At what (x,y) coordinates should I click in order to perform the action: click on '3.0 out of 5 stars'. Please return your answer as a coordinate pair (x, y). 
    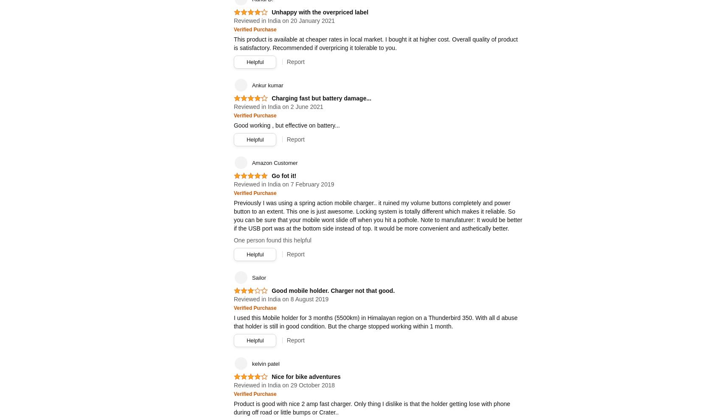
    Looking at the image, I should click on (248, 294).